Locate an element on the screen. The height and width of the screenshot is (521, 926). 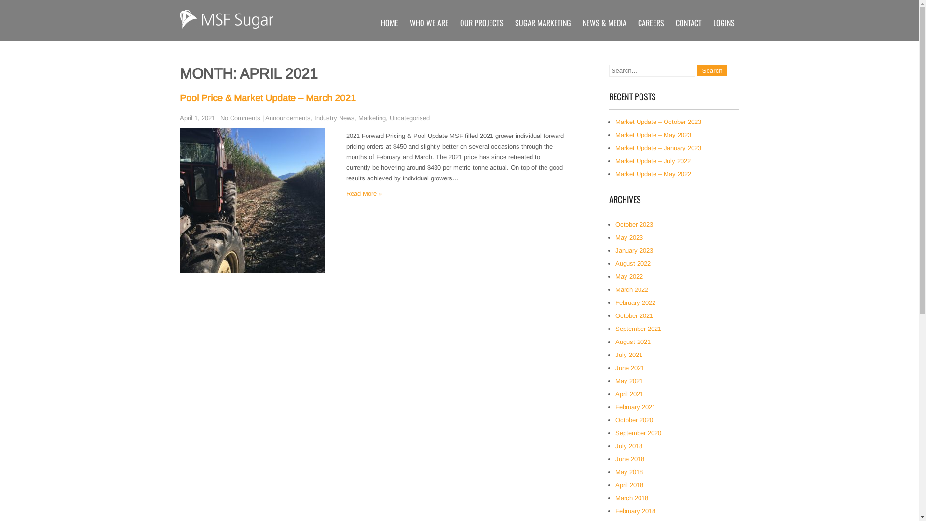
'No Comments' is located at coordinates (240, 117).